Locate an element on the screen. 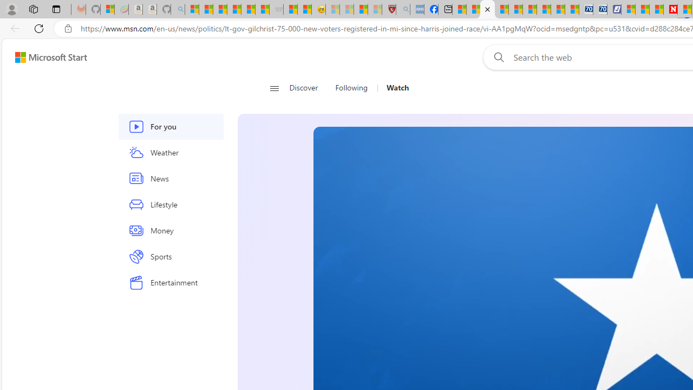 This screenshot has width=693, height=390. '12 Popular Science Lies that Must be Corrected - Sleeping' is located at coordinates (375, 9).